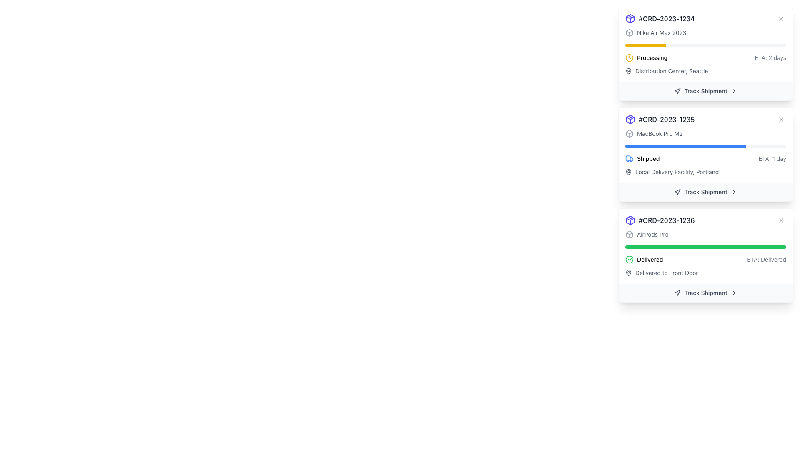  What do you see at coordinates (781, 19) in the screenshot?
I see `the small circular 'X' icon button located at the top-right corner of the card titled '#ORD-2023-1234'` at bounding box center [781, 19].